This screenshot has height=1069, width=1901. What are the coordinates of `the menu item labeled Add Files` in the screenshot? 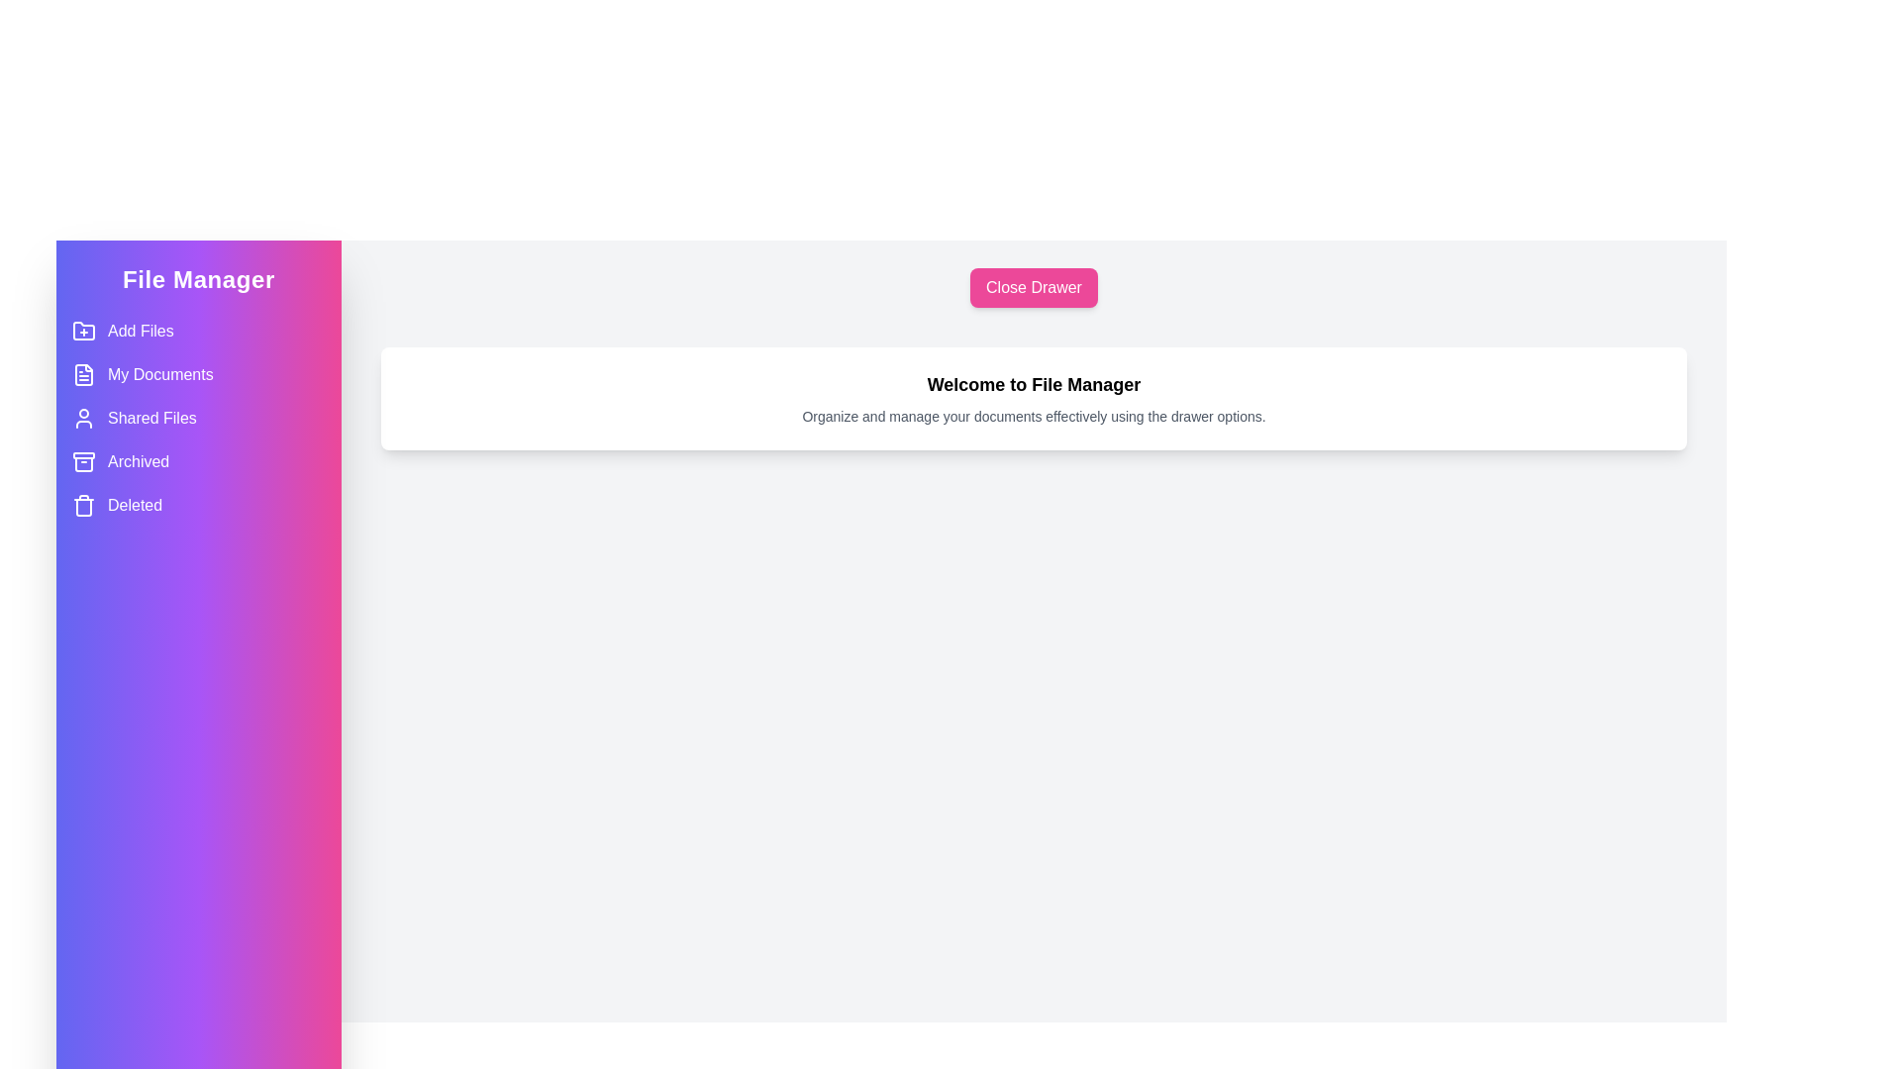 It's located at (199, 331).